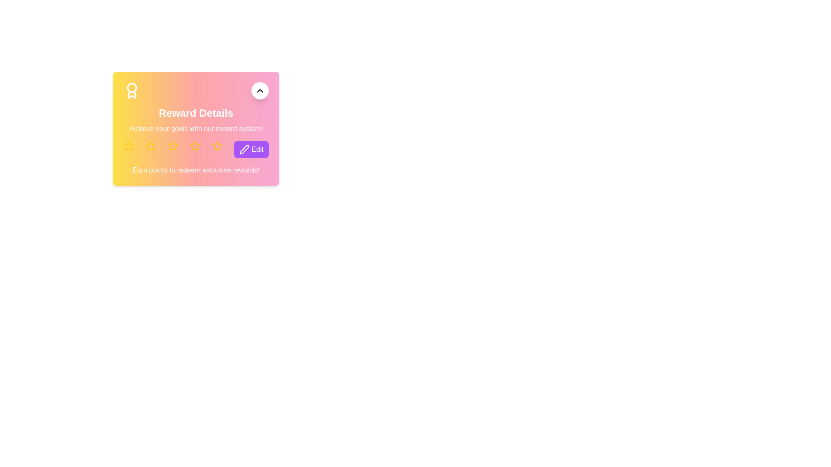 This screenshot has height=467, width=831. I want to click on the upward-facing chevron icon within the circular white button located at the top-right corner of the pink gradient card titled 'Reward Details', so click(259, 90).